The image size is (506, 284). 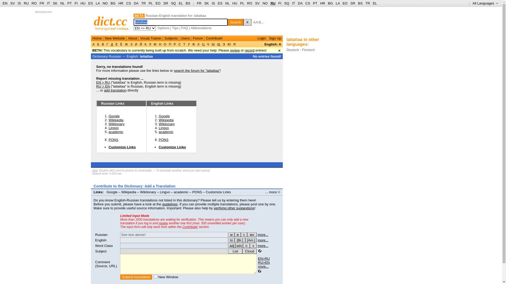 What do you see at coordinates (206, 3) in the screenshot?
I see `'SK'` at bounding box center [206, 3].